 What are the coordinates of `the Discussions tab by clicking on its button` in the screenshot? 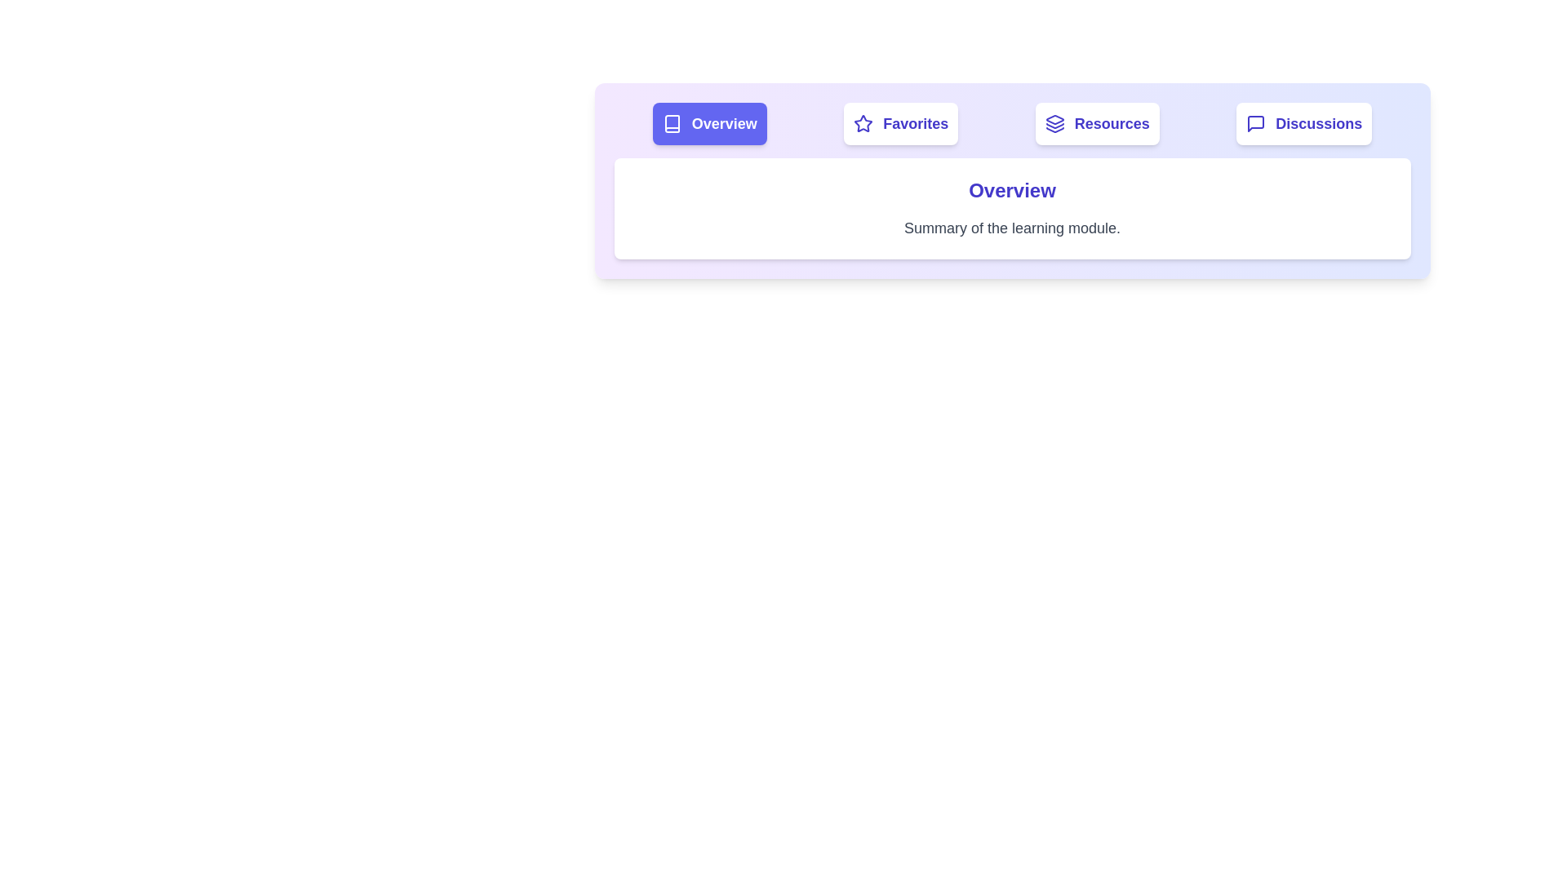 It's located at (1303, 122).